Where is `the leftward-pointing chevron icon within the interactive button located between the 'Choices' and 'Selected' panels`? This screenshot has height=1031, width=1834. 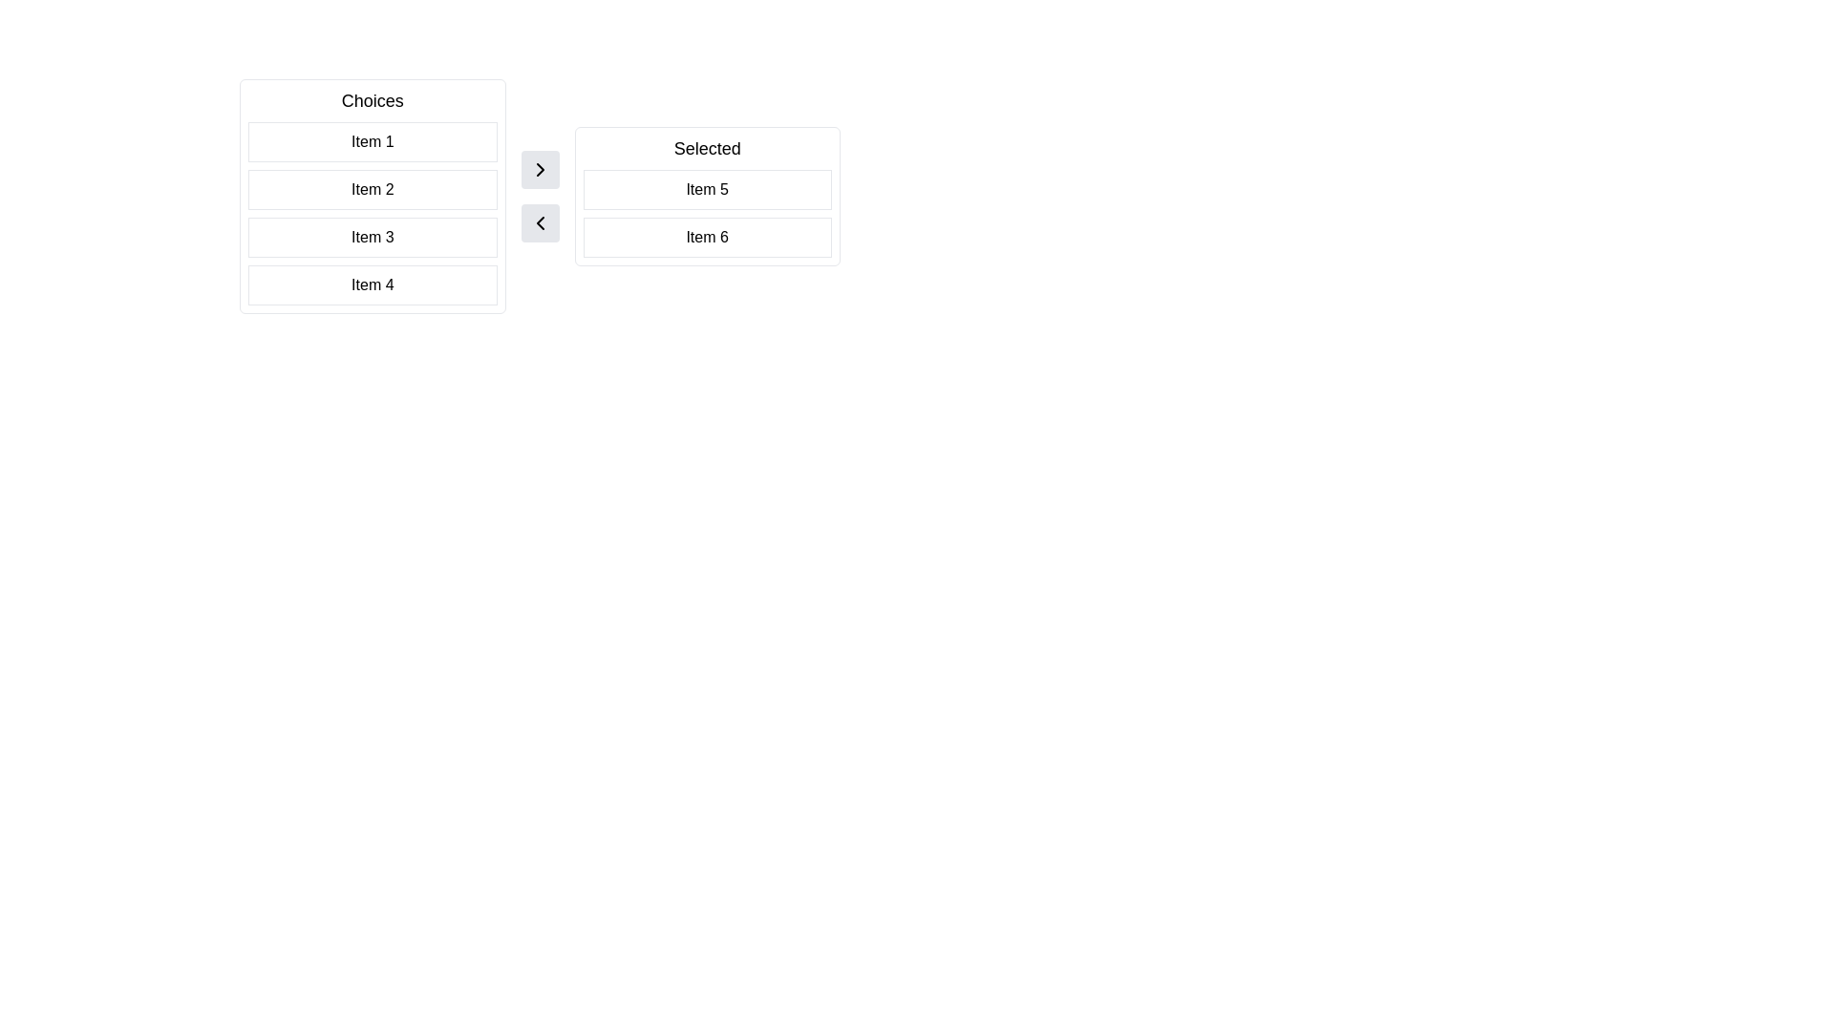 the leftward-pointing chevron icon within the interactive button located between the 'Choices' and 'Selected' panels is located at coordinates (539, 222).